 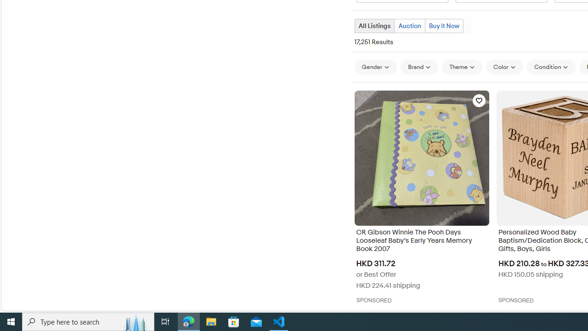 What do you see at coordinates (409, 25) in the screenshot?
I see `'Auction'` at bounding box center [409, 25].